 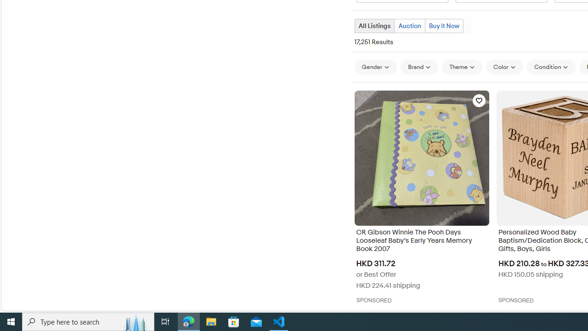 What do you see at coordinates (409, 25) in the screenshot?
I see `'Auction'` at bounding box center [409, 25].